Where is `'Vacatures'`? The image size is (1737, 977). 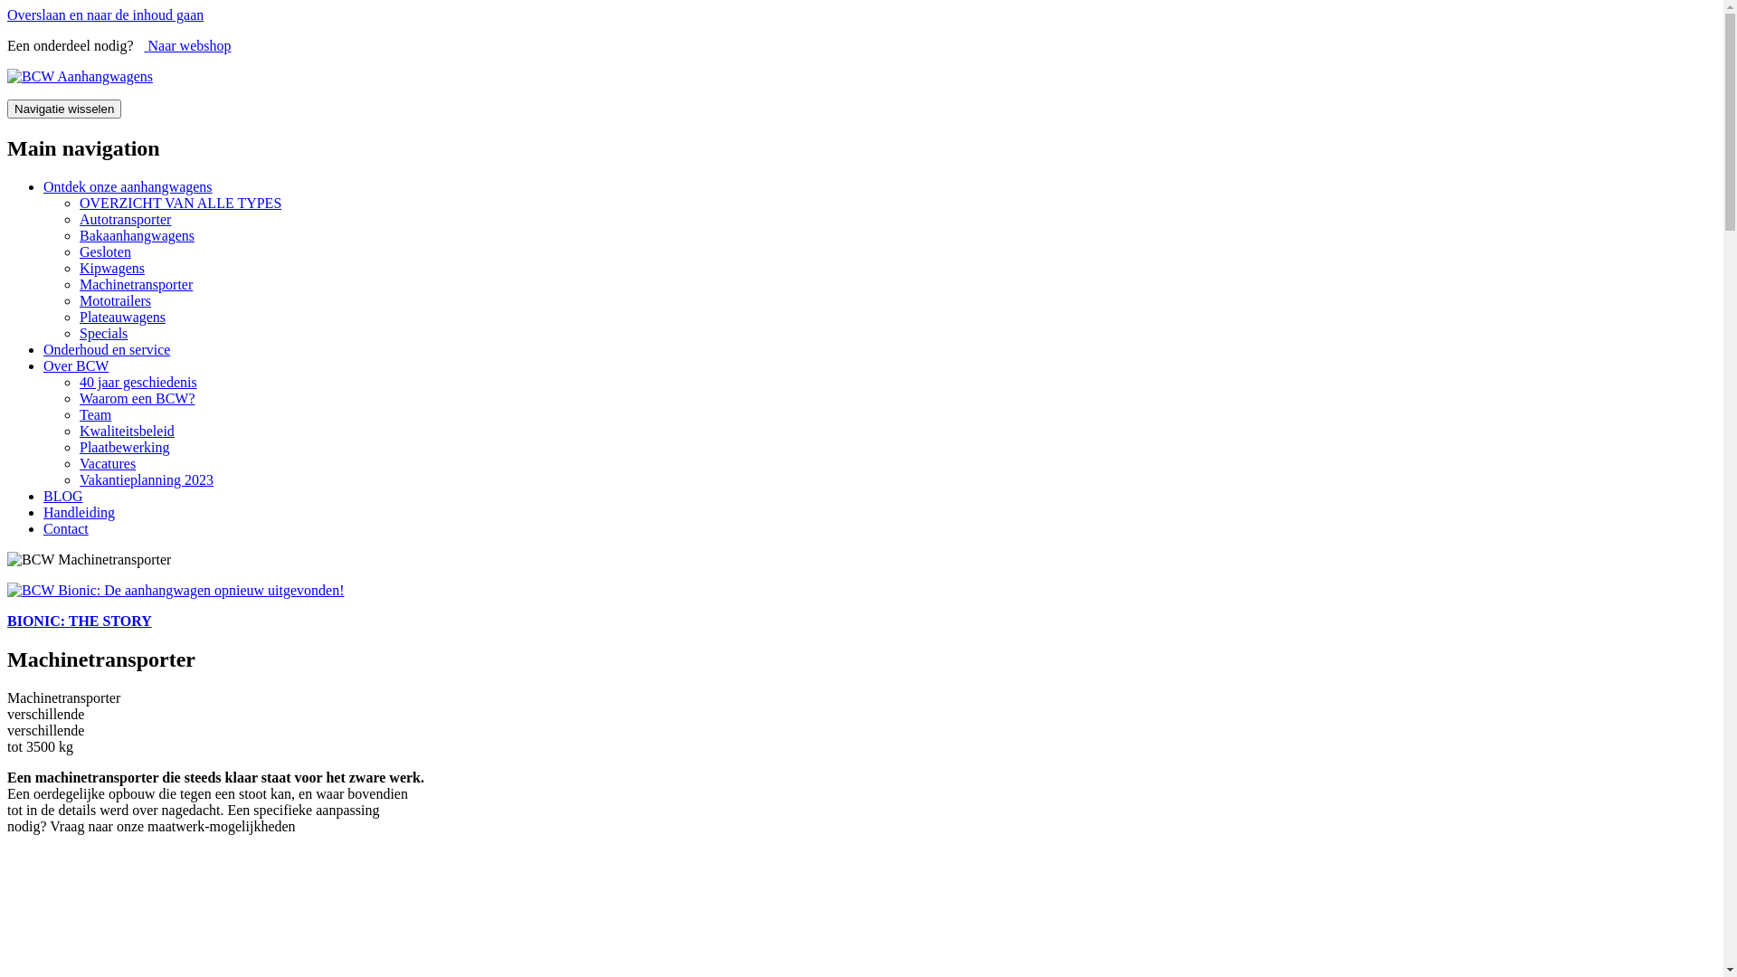 'Vacatures' is located at coordinates (107, 462).